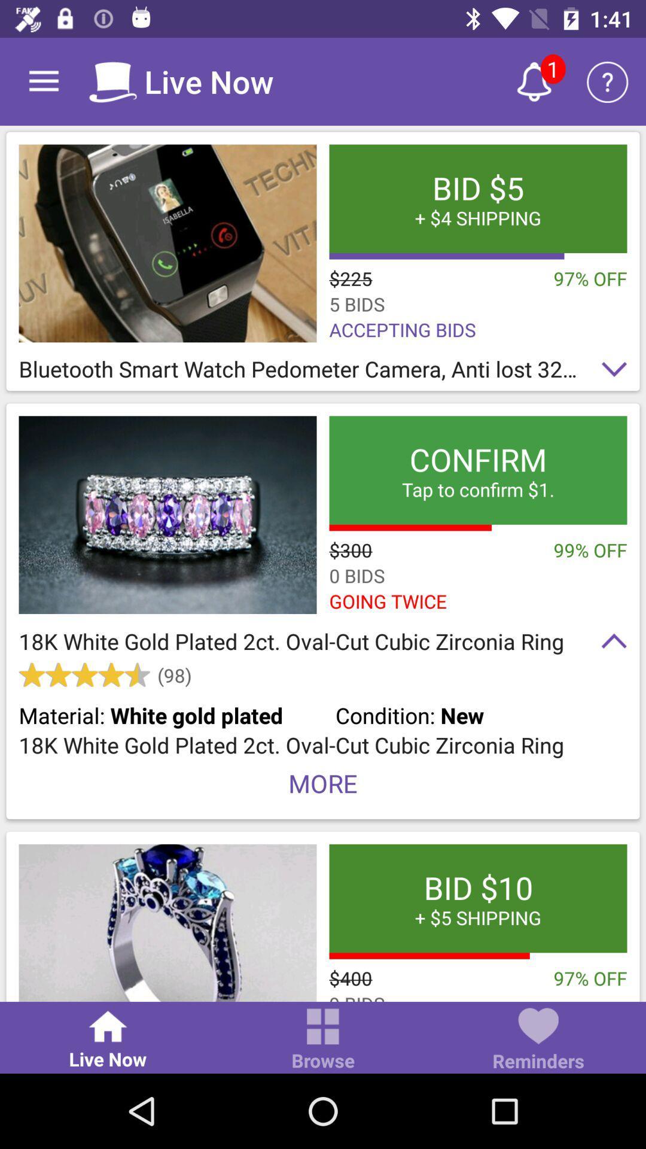 Image resolution: width=646 pixels, height=1149 pixels. What do you see at coordinates (323, 1039) in the screenshot?
I see `item next to live now` at bounding box center [323, 1039].